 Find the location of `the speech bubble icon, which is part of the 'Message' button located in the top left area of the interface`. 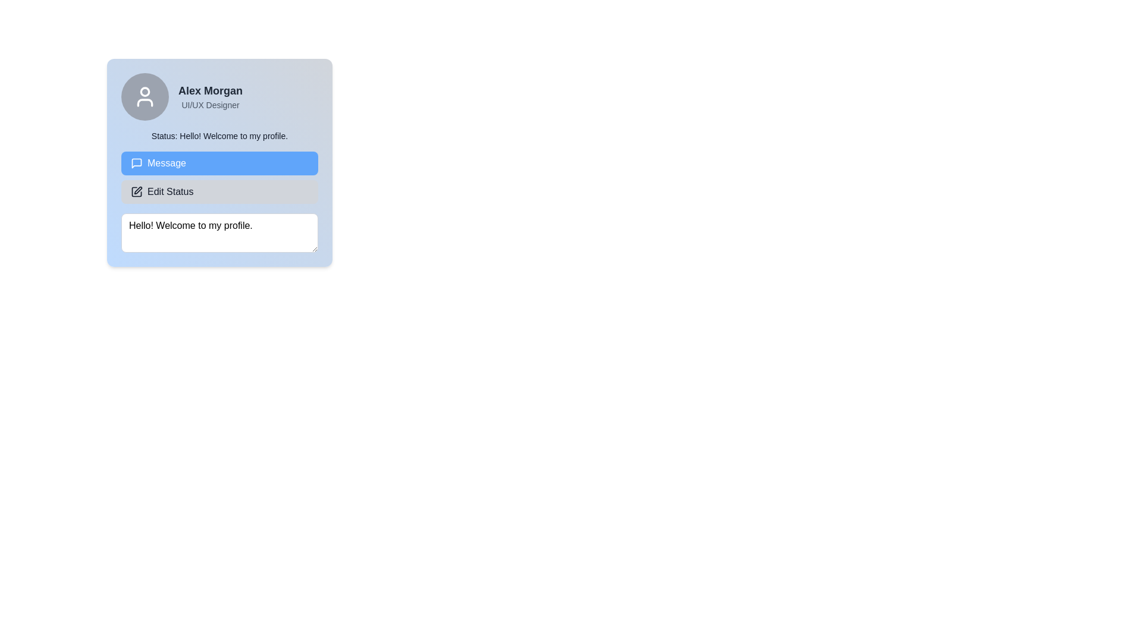

the speech bubble icon, which is part of the 'Message' button located in the top left area of the interface is located at coordinates (137, 163).